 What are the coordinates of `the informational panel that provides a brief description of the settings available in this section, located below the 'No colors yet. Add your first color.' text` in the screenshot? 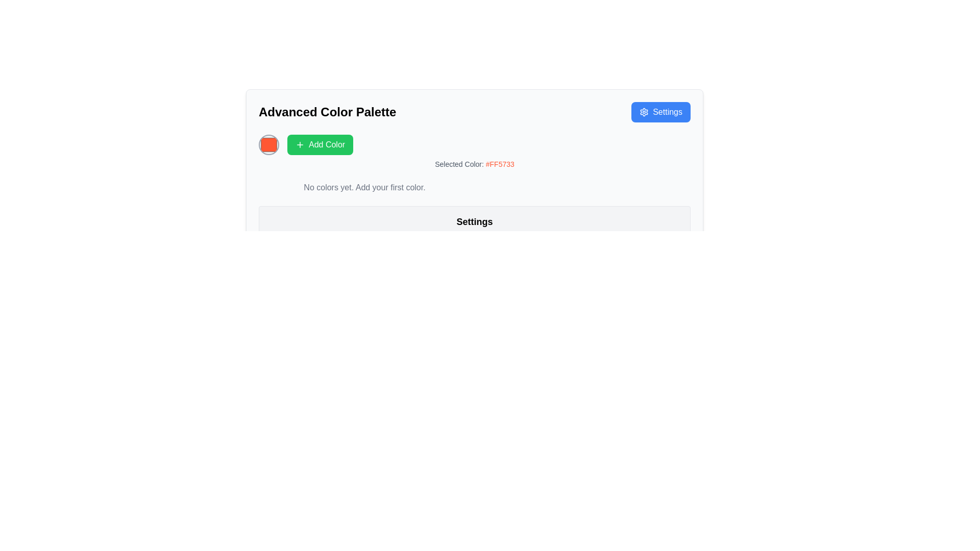 It's located at (474, 228).